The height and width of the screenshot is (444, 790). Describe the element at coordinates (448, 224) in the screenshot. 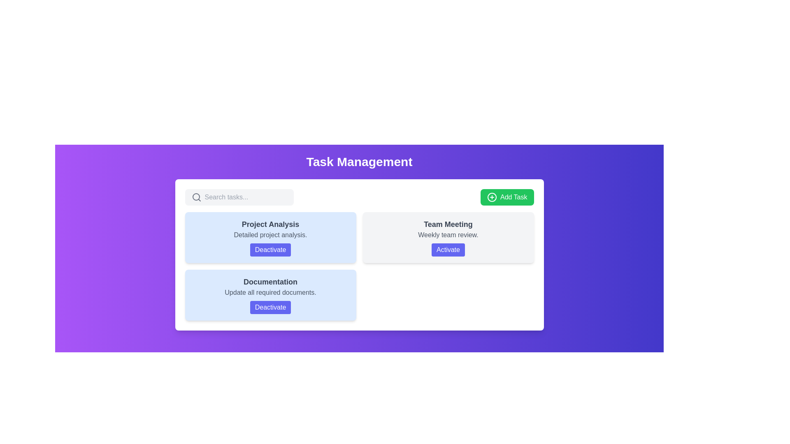

I see `the 'Team Meeting' text, which is displayed in bold, large font with a dark gray color on a light gray card background, located in the upper-right area of the task list interface` at that location.